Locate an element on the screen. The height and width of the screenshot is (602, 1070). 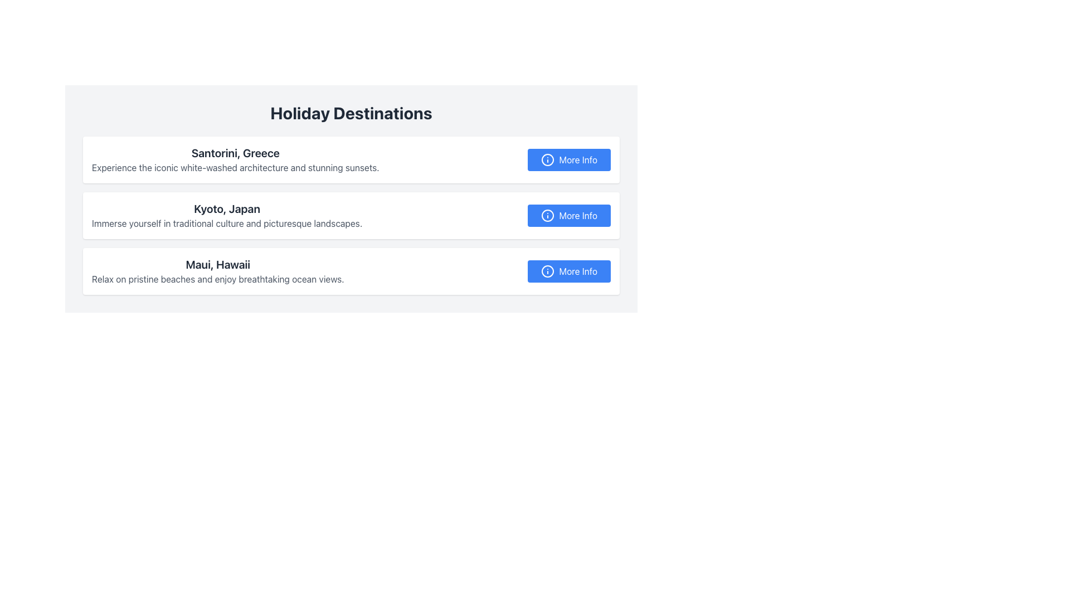
the button is located at coordinates (569, 215).